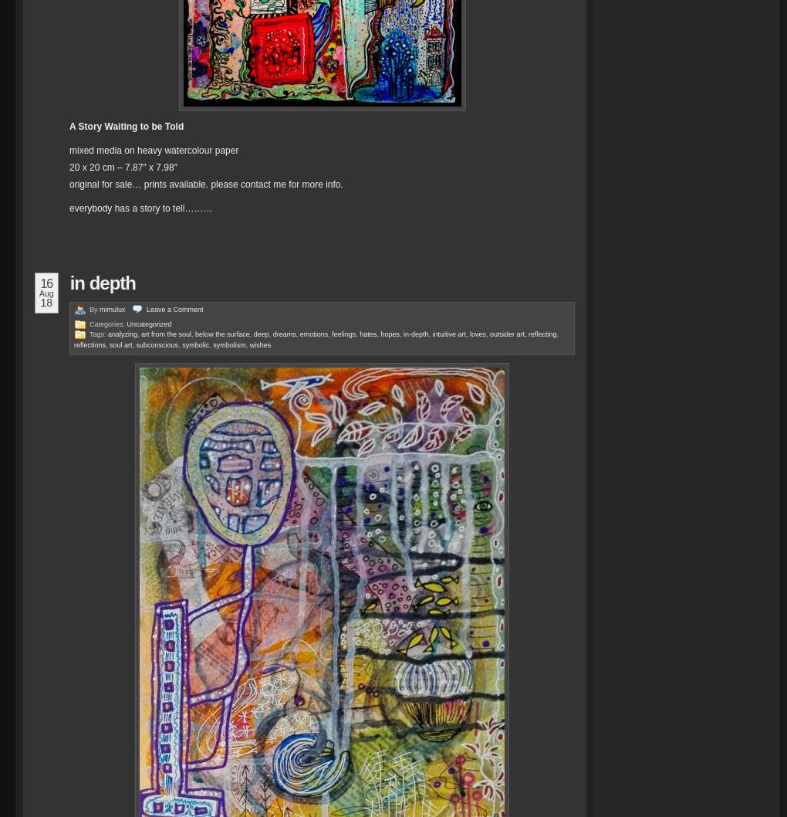 Image resolution: width=787 pixels, height=817 pixels. What do you see at coordinates (261, 334) in the screenshot?
I see `'deep'` at bounding box center [261, 334].